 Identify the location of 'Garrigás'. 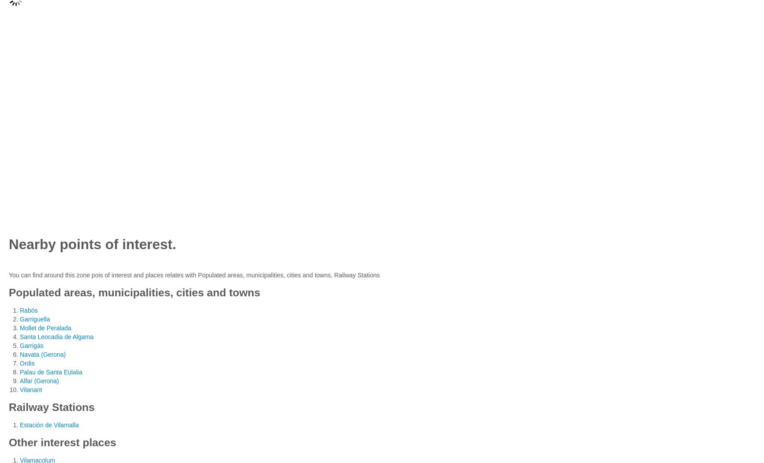
(31, 345).